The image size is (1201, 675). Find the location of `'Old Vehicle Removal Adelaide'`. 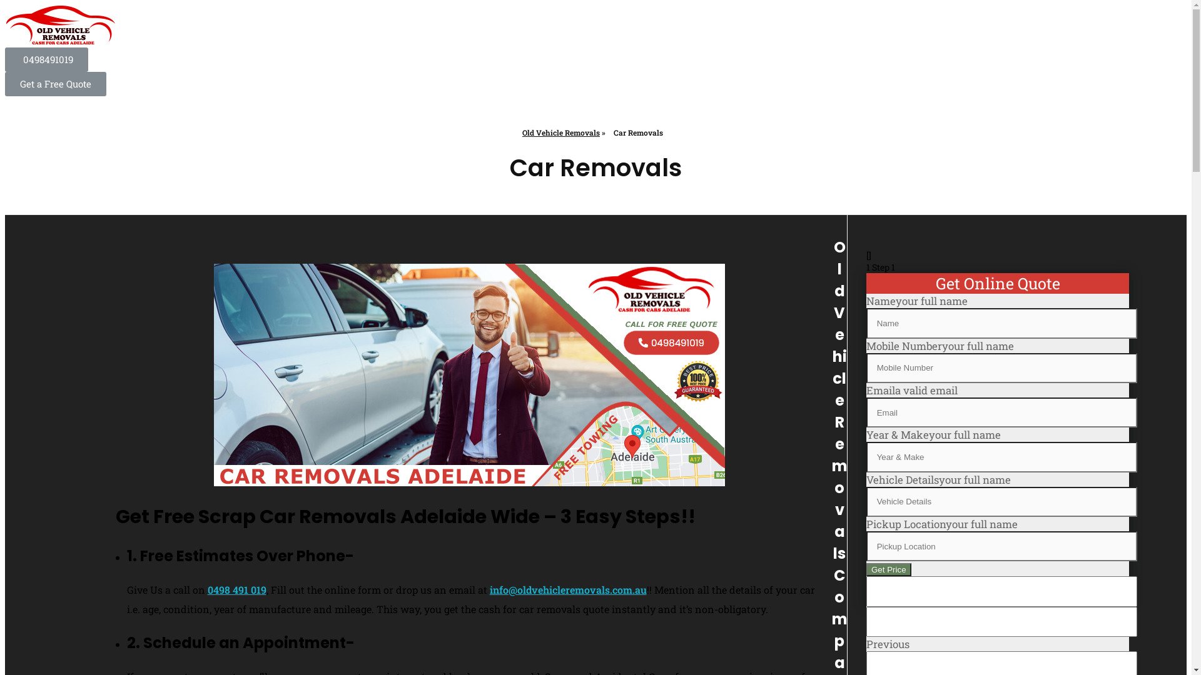

'Old Vehicle Removal Adelaide' is located at coordinates (60, 26).